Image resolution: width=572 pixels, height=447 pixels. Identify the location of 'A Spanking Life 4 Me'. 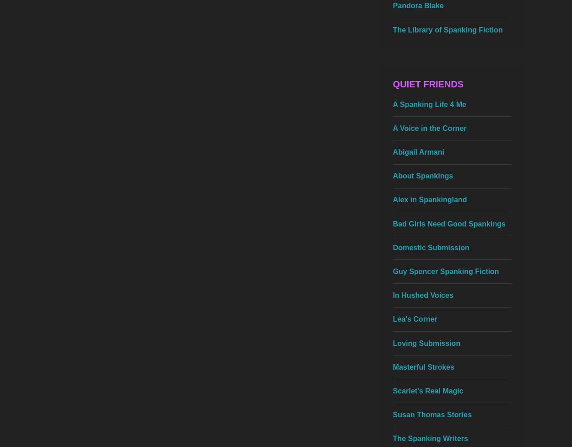
(429, 103).